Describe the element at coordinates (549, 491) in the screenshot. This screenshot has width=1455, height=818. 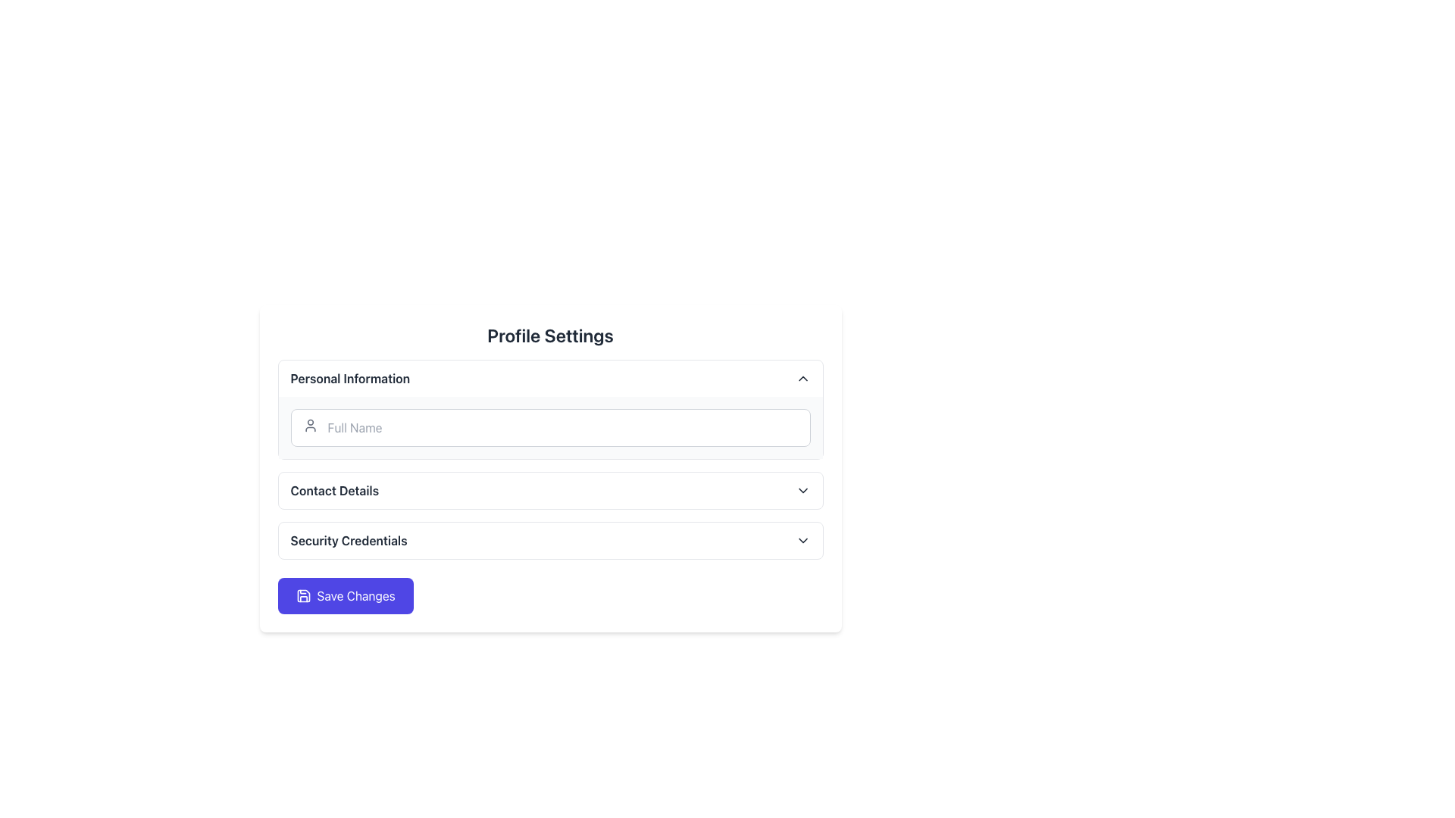
I see `the 'Contact Details' Collapsible Section Header element` at that location.